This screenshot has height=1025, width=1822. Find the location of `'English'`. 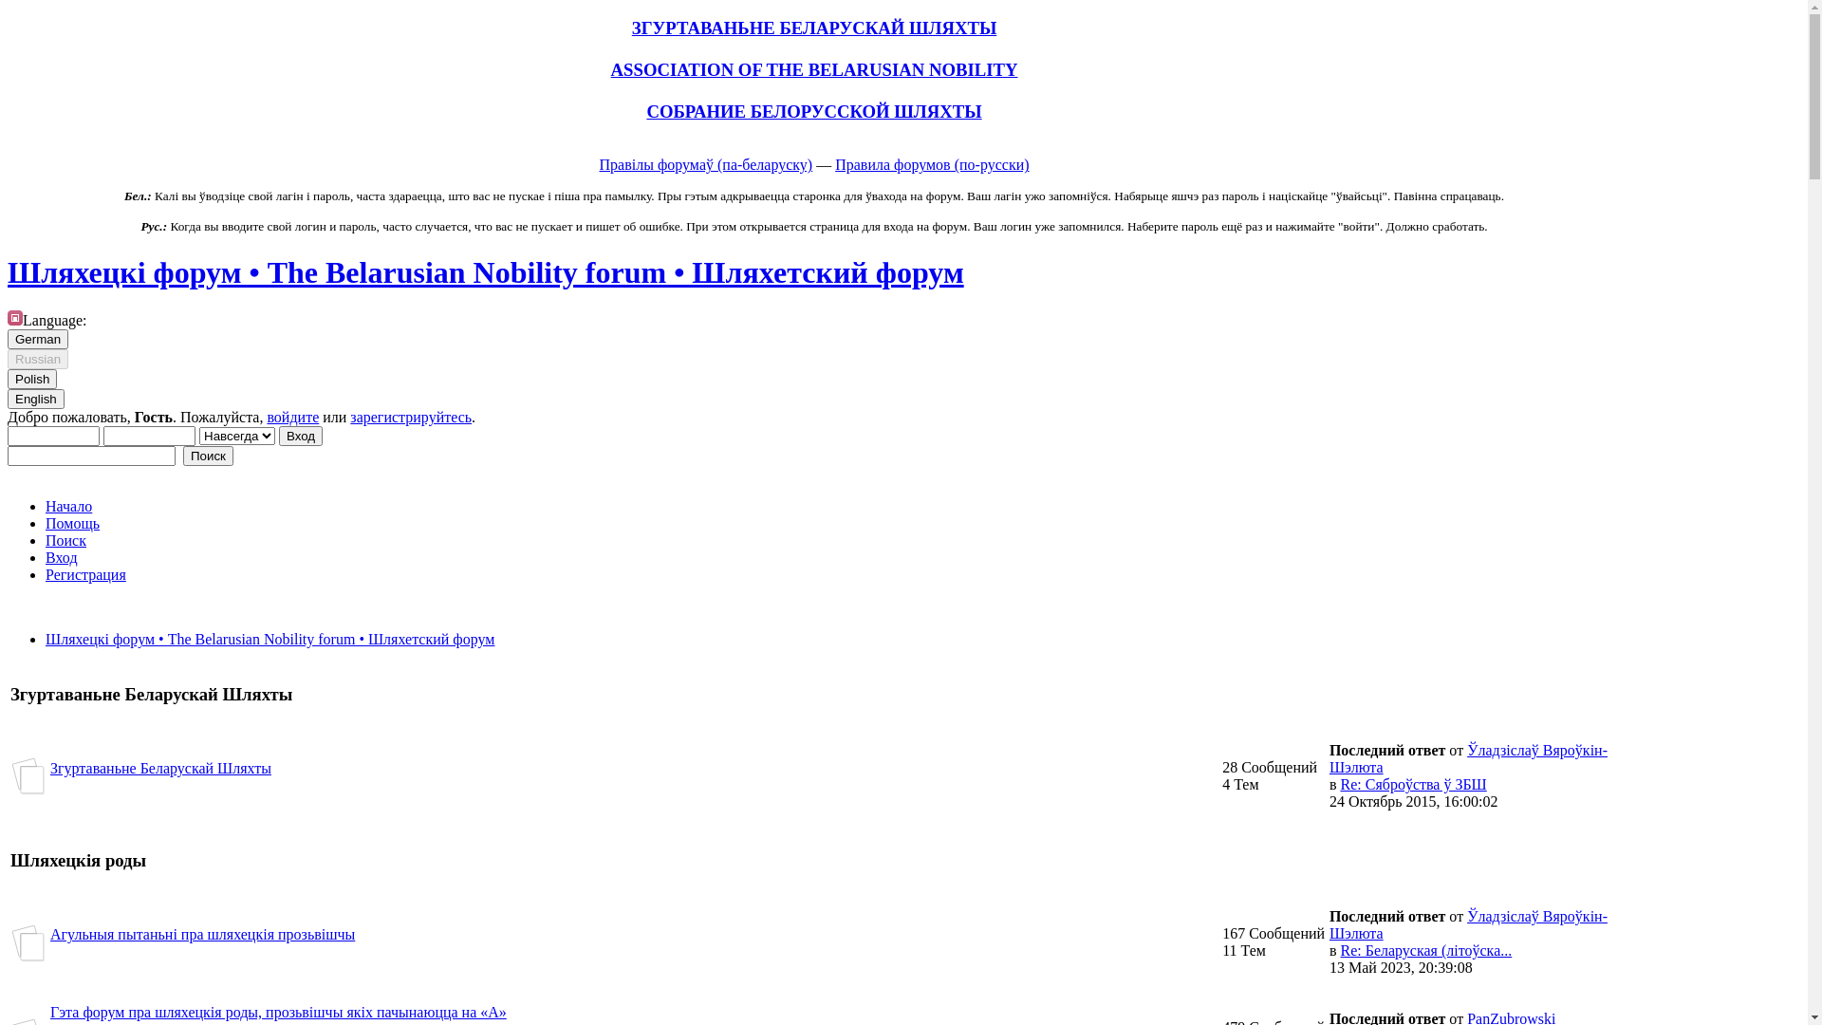

'English' is located at coordinates (36, 398).